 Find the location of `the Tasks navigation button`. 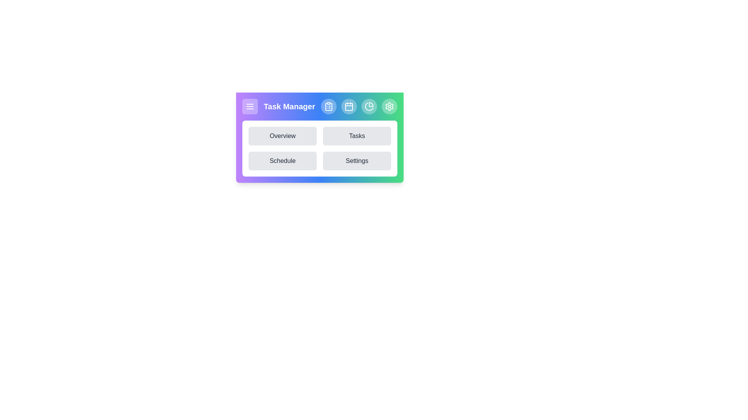

the Tasks navigation button is located at coordinates (356, 136).